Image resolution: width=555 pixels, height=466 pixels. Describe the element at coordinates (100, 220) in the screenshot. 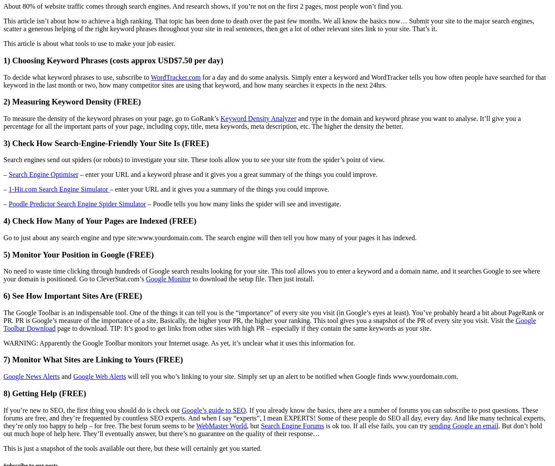

I see `'4) Check How Many of Your Pages are Indexed (FREE)'` at that location.